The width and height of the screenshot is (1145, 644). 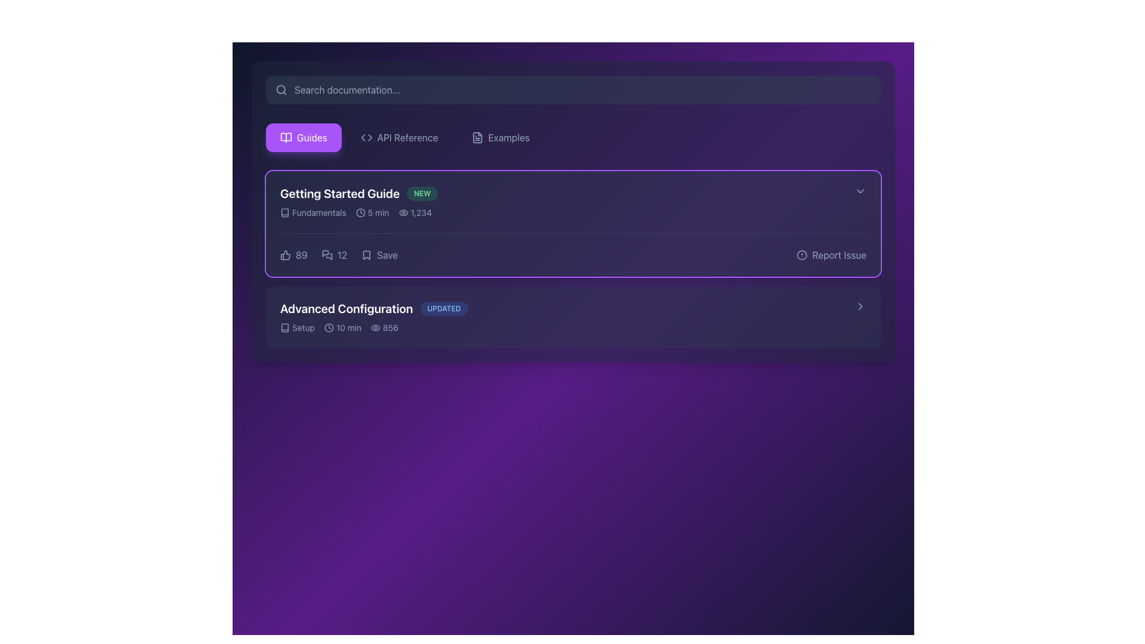 What do you see at coordinates (285, 255) in the screenshot?
I see `the 'like' icon located at the top section of the 'Getting Started Guide' card` at bounding box center [285, 255].